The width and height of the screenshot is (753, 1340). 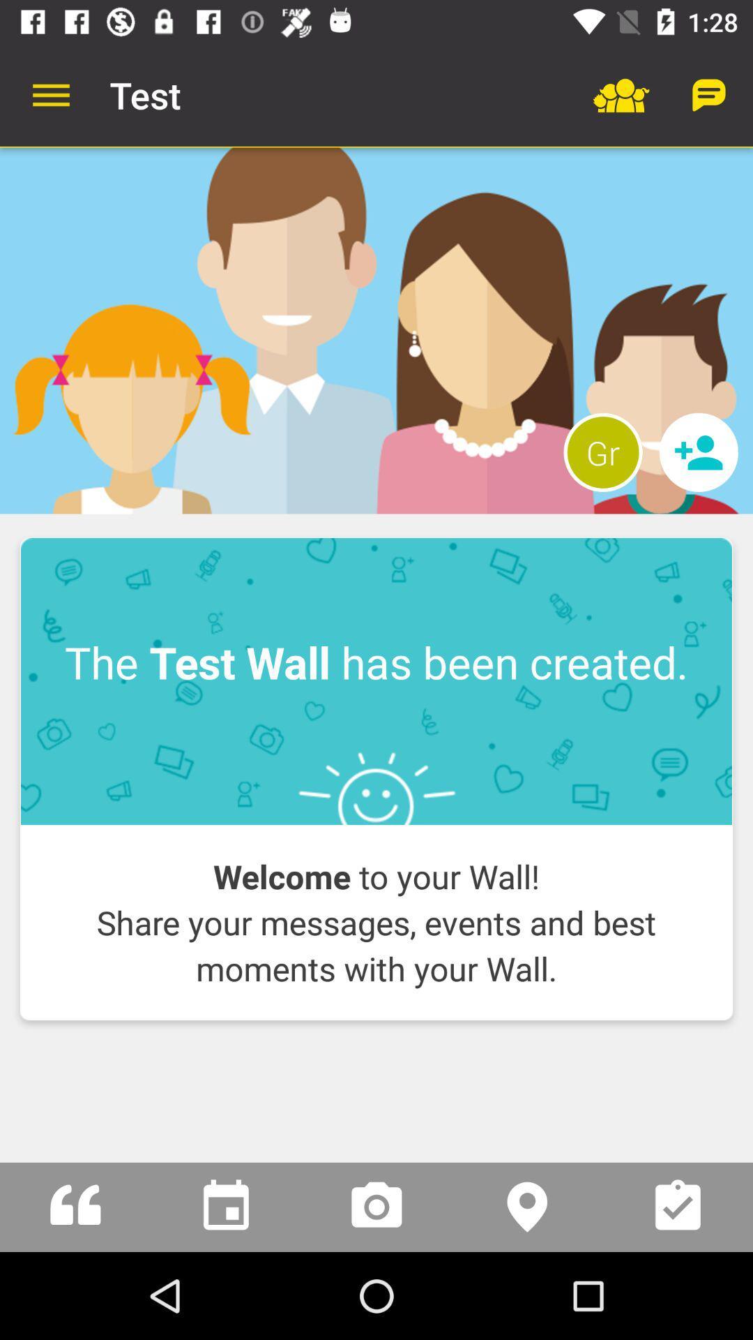 What do you see at coordinates (376, 1206) in the screenshot?
I see `photo icon` at bounding box center [376, 1206].